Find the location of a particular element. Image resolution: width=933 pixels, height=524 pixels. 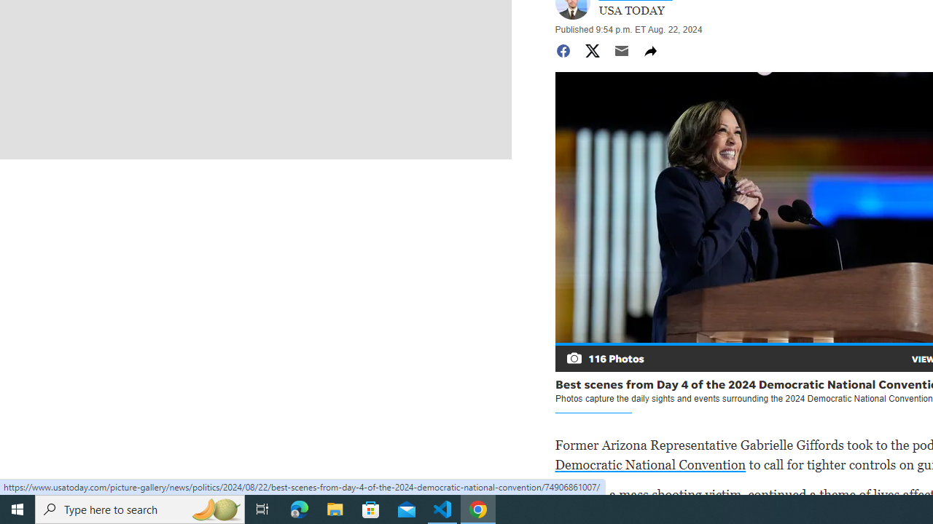

'Share to Facebook' is located at coordinates (562, 49).